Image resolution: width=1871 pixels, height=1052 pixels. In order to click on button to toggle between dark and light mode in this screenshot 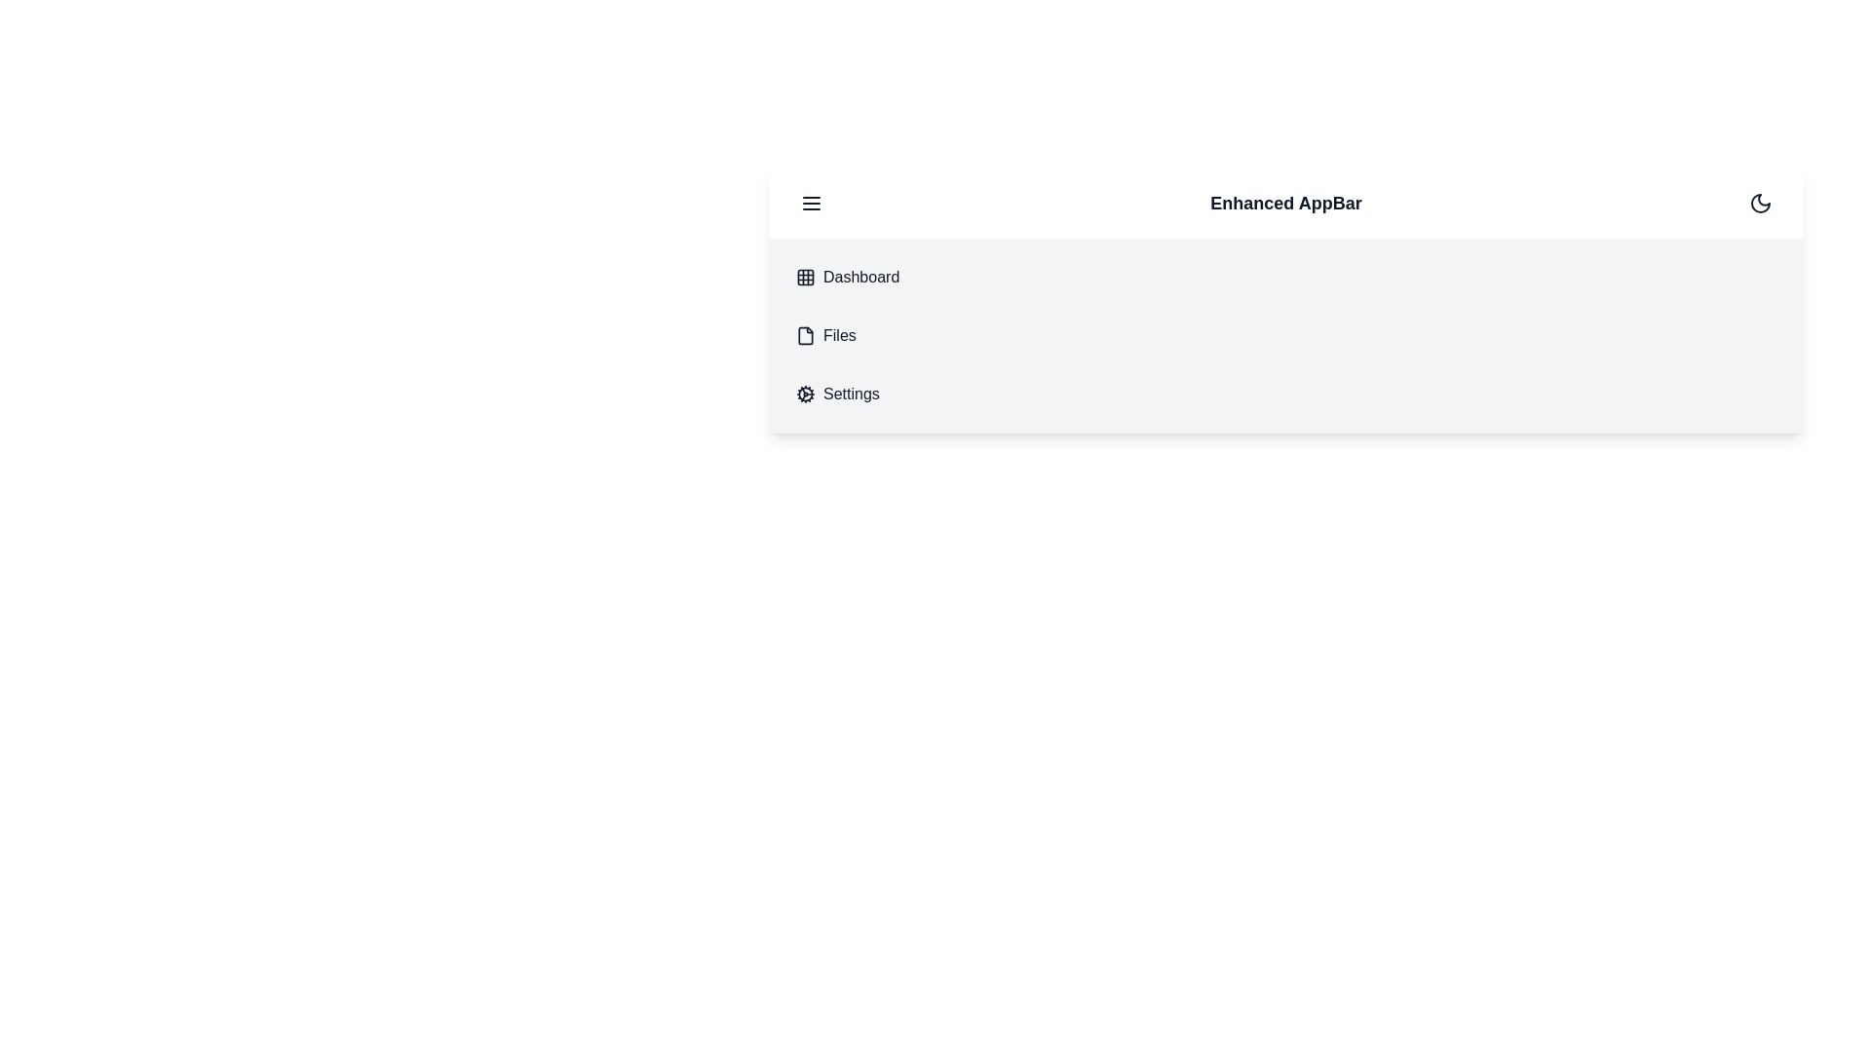, I will do `click(1759, 203)`.